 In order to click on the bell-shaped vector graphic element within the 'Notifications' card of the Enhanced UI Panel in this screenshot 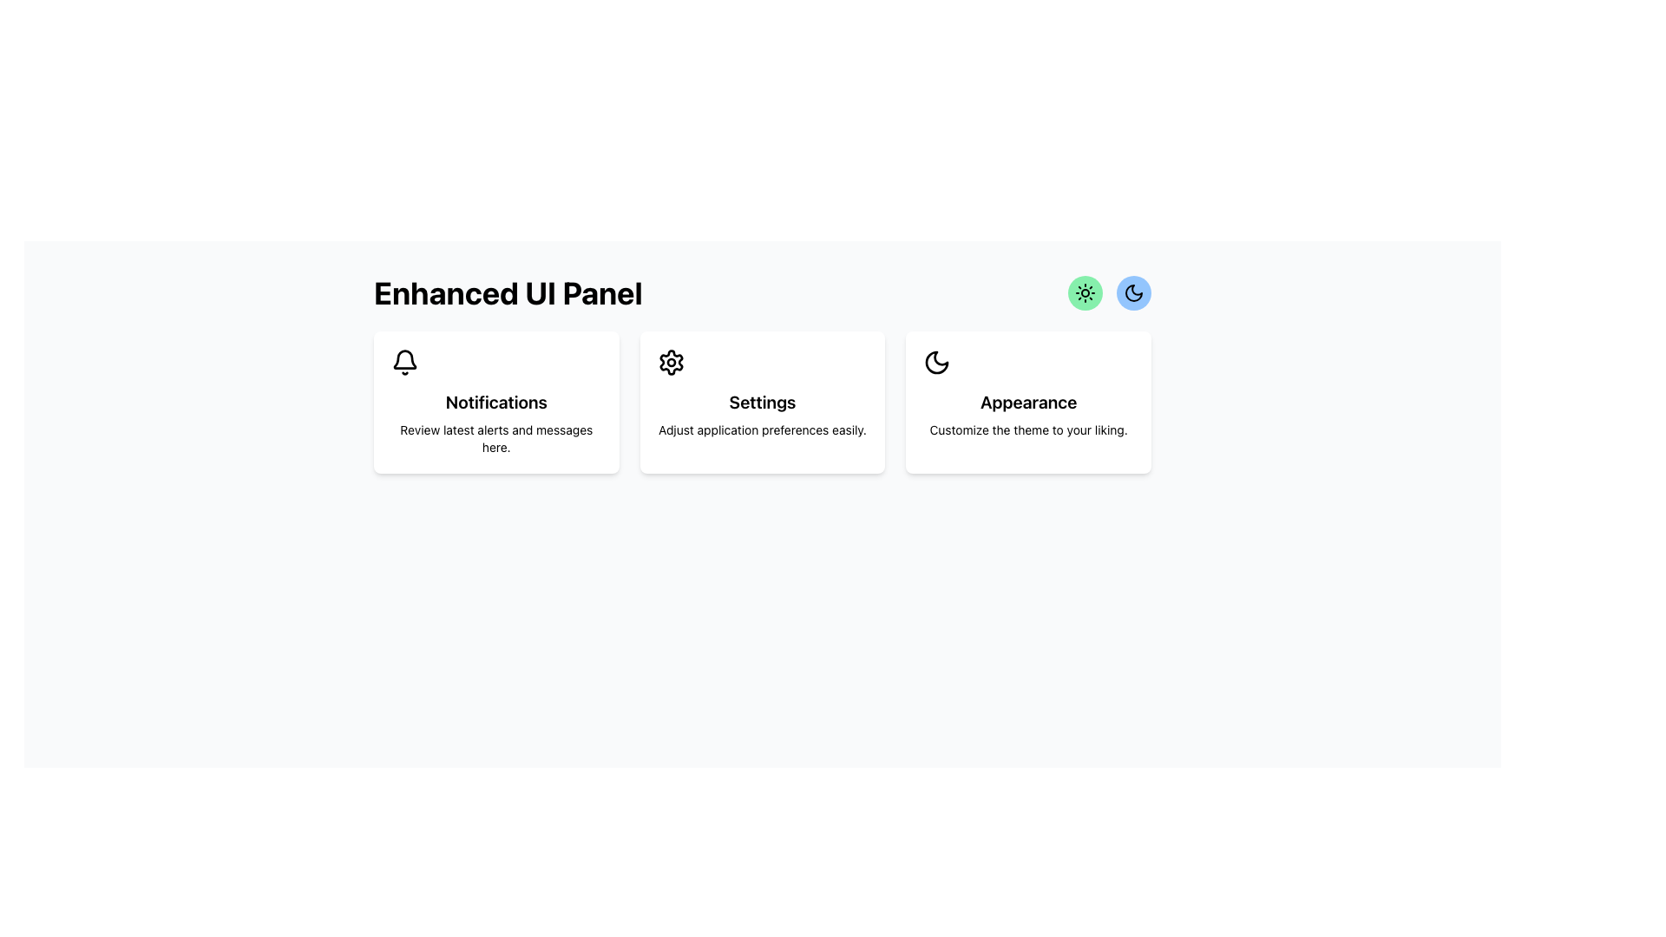, I will do `click(403, 358)`.